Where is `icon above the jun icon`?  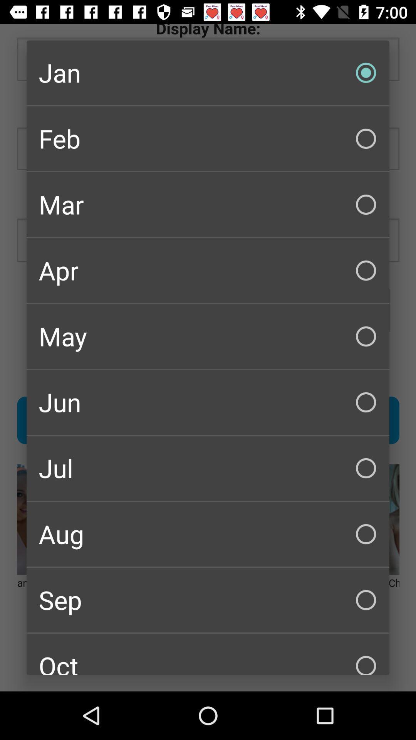
icon above the jun icon is located at coordinates (208, 336).